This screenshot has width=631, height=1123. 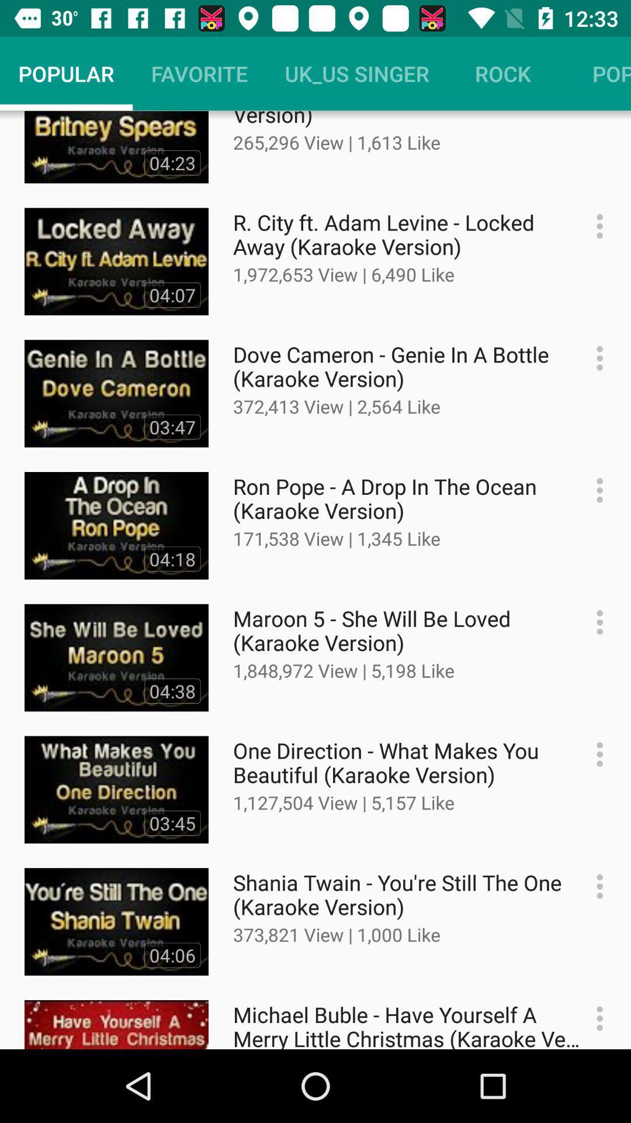 I want to click on more info, so click(x=594, y=622).